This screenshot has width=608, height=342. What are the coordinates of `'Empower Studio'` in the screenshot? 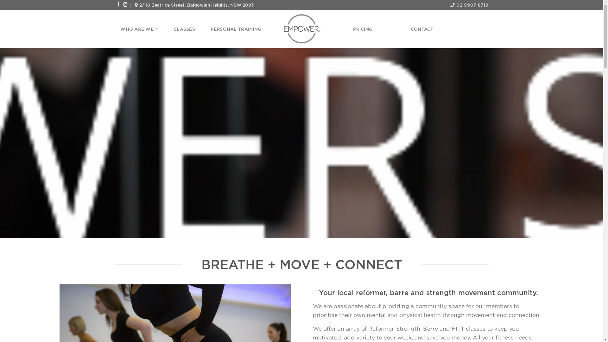 It's located at (301, 29).